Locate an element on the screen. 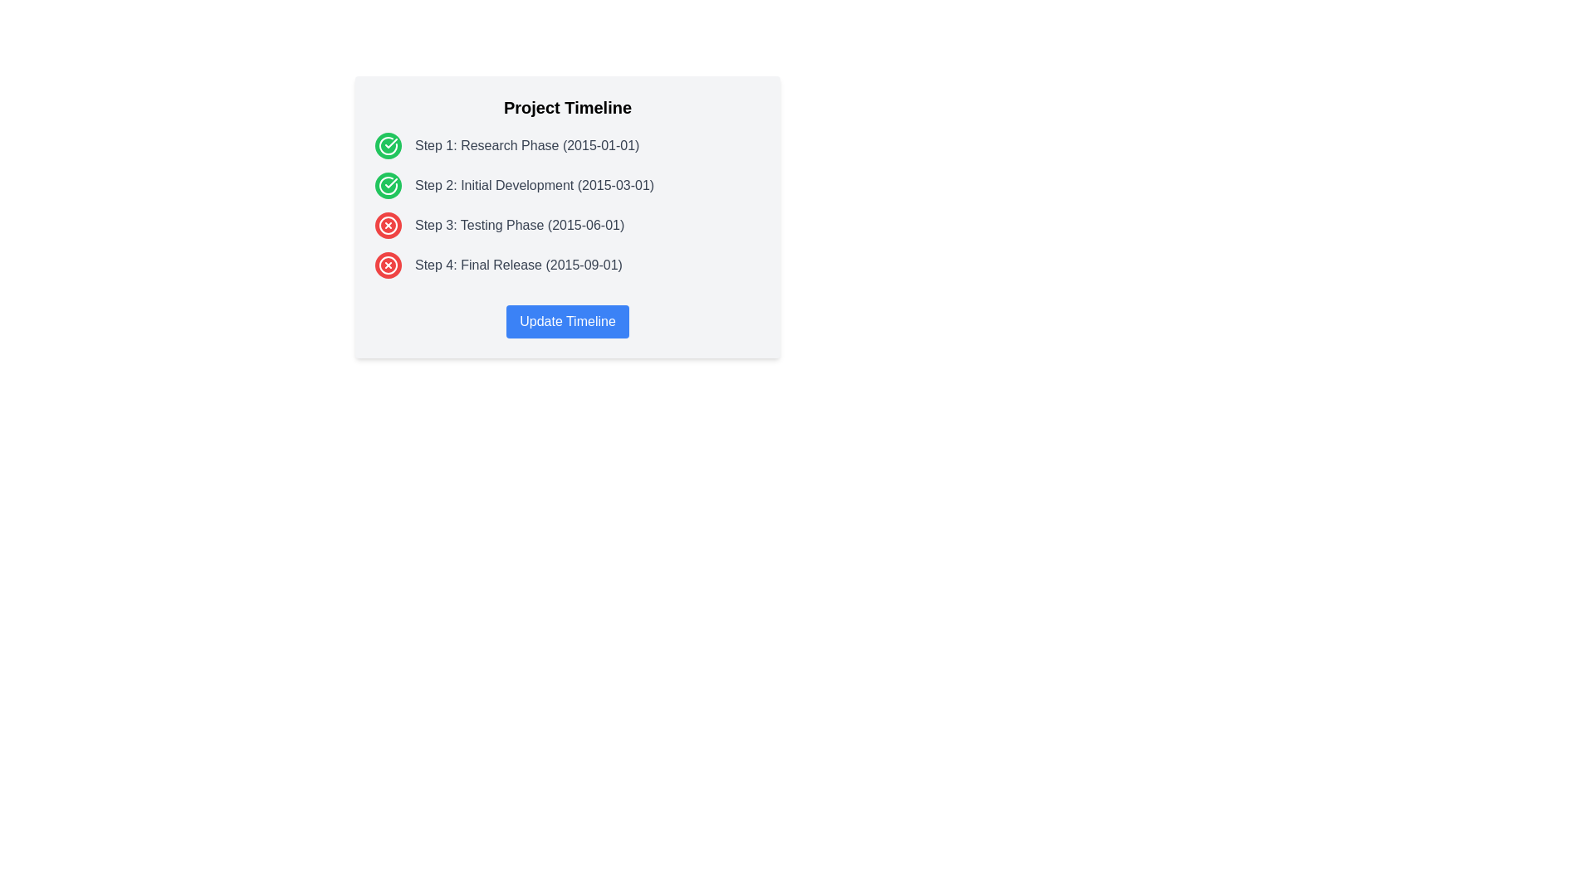 This screenshot has width=1594, height=896. information displayed in the Text label that describes the third step in the timeline, labeled 'Step 3: Testing Phase (2015-06-01)' is located at coordinates (519, 226).